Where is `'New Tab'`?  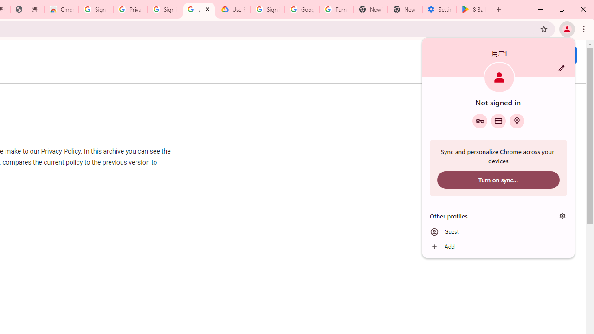 'New Tab' is located at coordinates (405, 9).